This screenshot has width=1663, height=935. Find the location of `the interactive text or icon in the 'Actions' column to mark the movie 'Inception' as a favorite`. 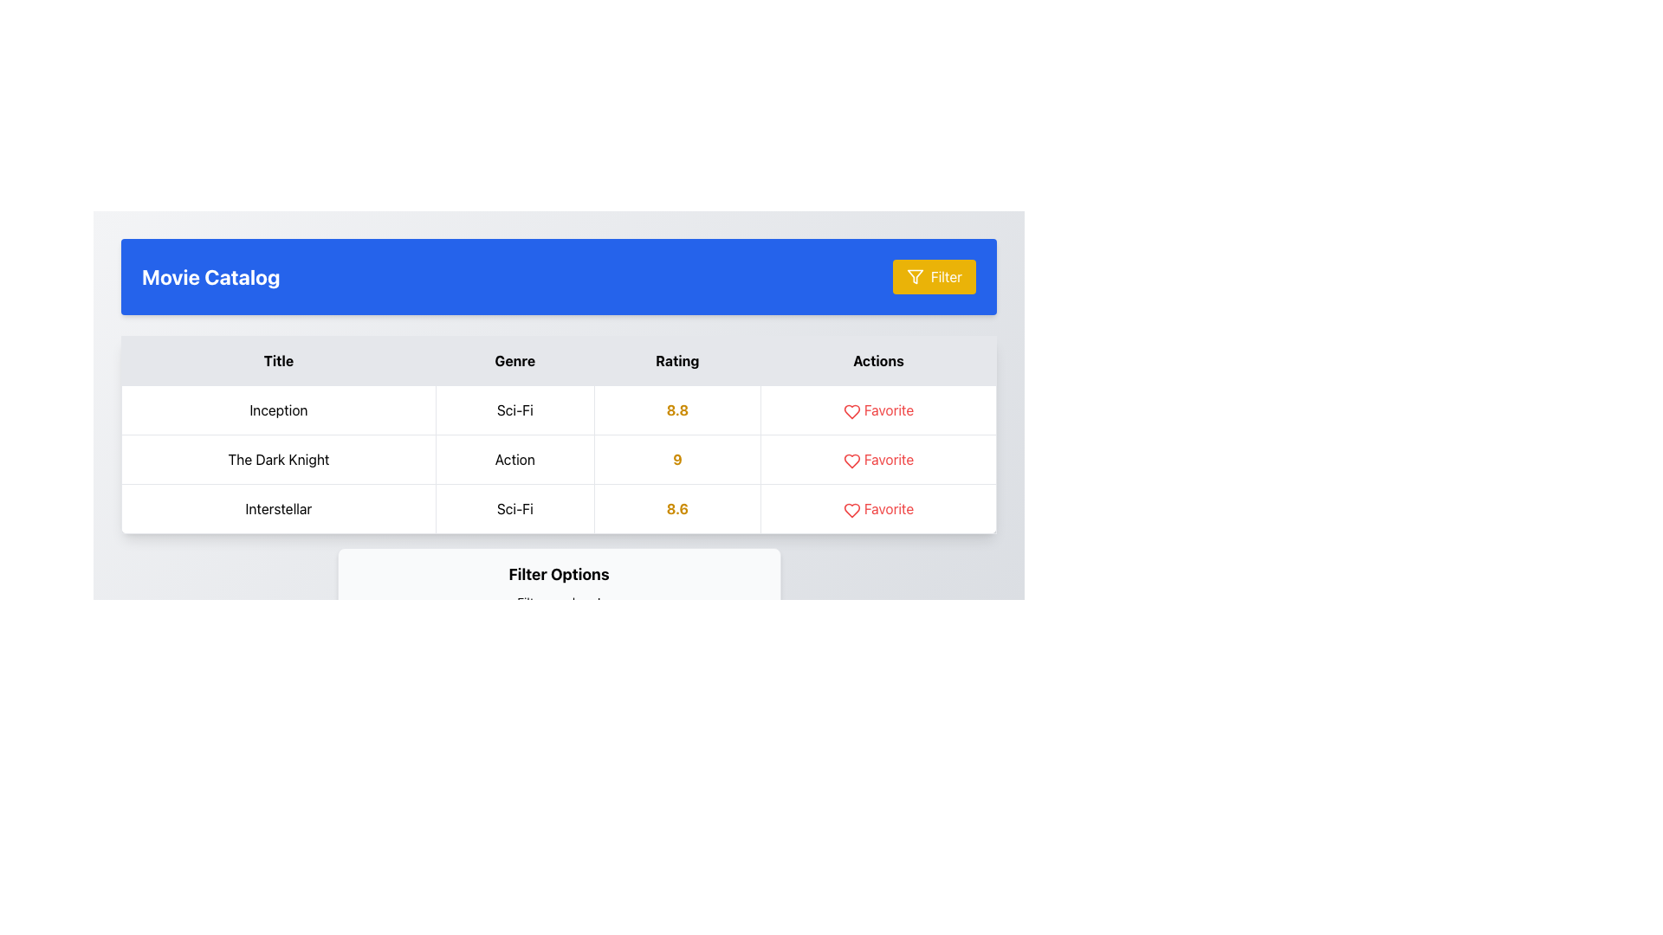

the interactive text or icon in the 'Actions' column to mark the movie 'Inception' as a favorite is located at coordinates (877, 410).